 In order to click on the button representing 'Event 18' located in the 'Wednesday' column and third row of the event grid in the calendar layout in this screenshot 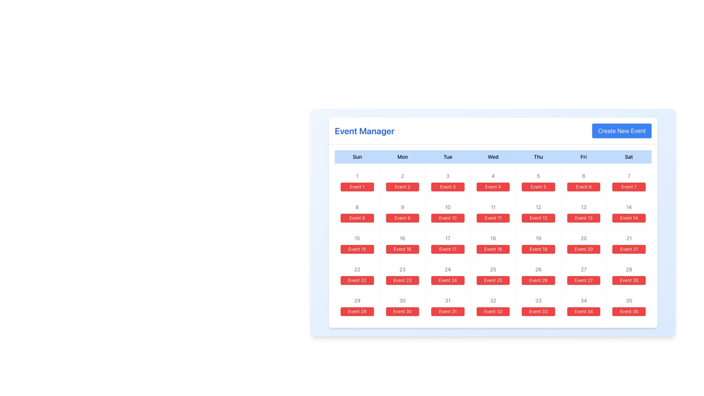, I will do `click(493, 236)`.